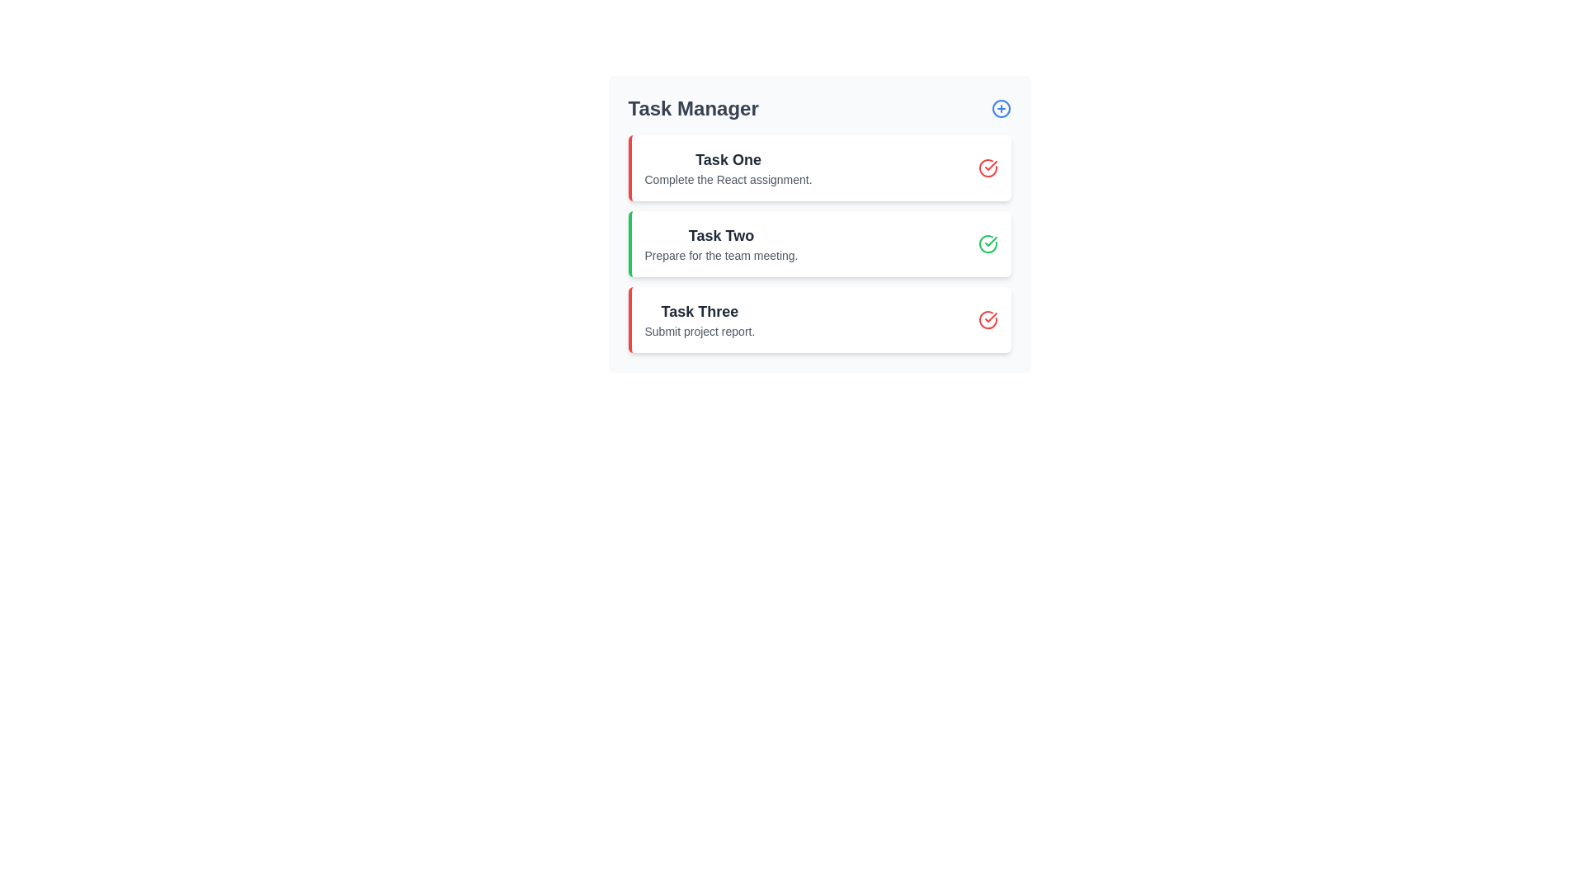 This screenshot has width=1584, height=891. Describe the element at coordinates (721, 255) in the screenshot. I see `the text label below 'Task Two'` at that location.